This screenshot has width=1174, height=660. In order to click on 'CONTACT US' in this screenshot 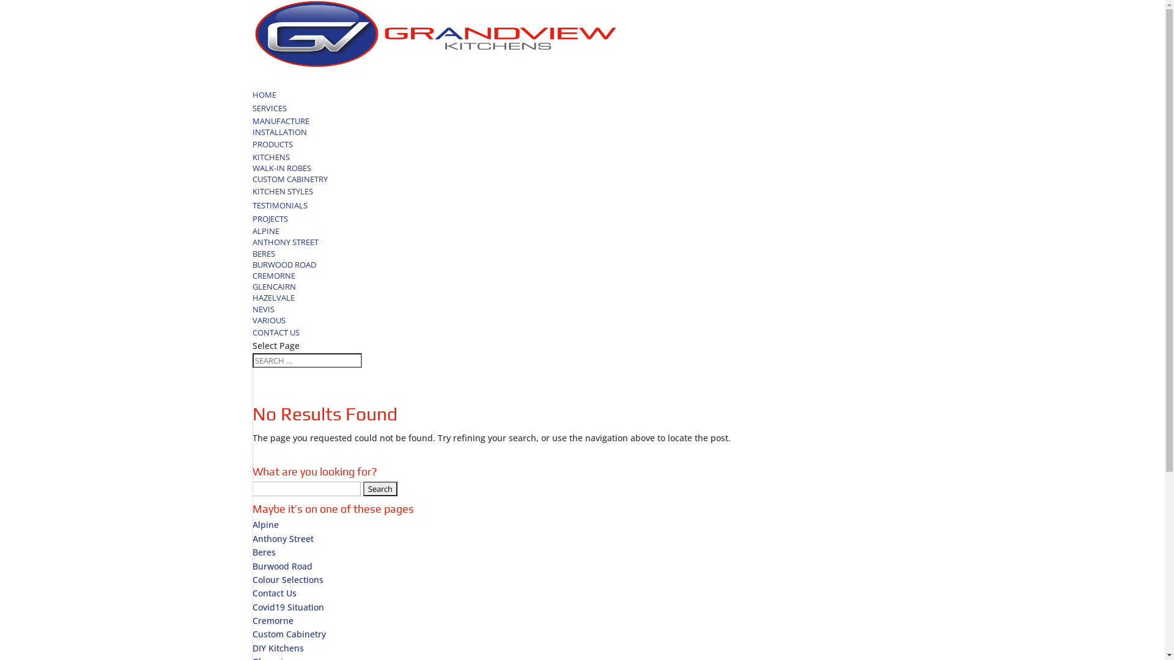, I will do `click(275, 340)`.